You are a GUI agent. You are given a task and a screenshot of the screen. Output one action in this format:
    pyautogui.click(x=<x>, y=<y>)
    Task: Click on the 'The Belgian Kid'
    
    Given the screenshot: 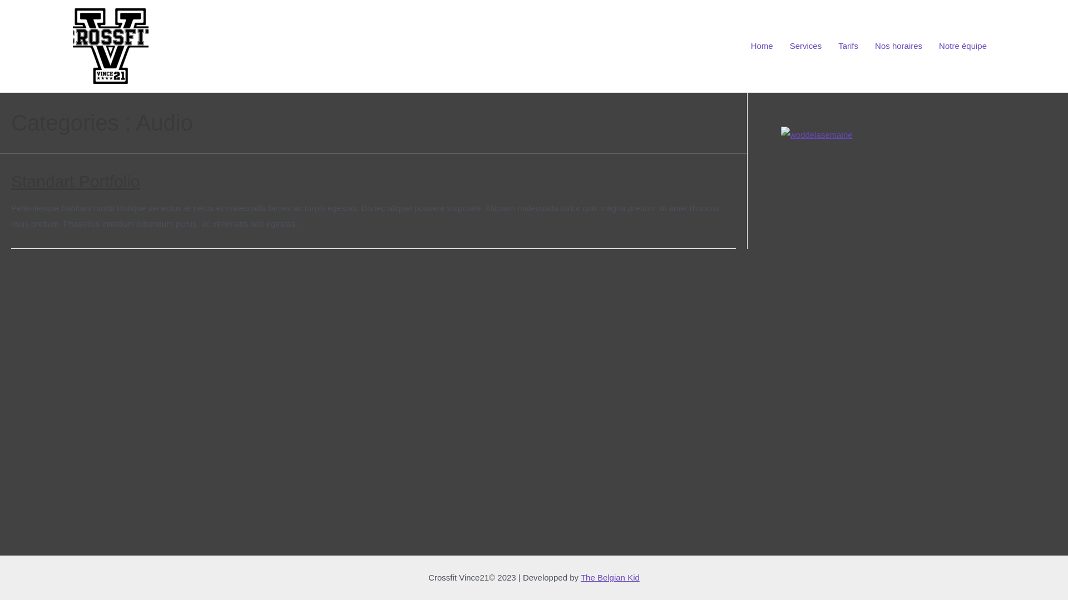 What is the action you would take?
    pyautogui.click(x=580, y=577)
    